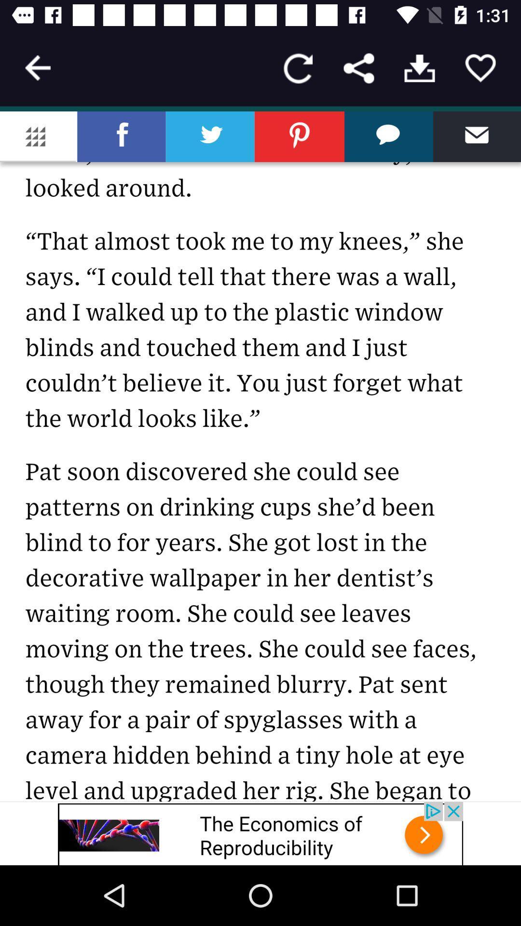 The width and height of the screenshot is (521, 926). I want to click on share the news, so click(260, 456).